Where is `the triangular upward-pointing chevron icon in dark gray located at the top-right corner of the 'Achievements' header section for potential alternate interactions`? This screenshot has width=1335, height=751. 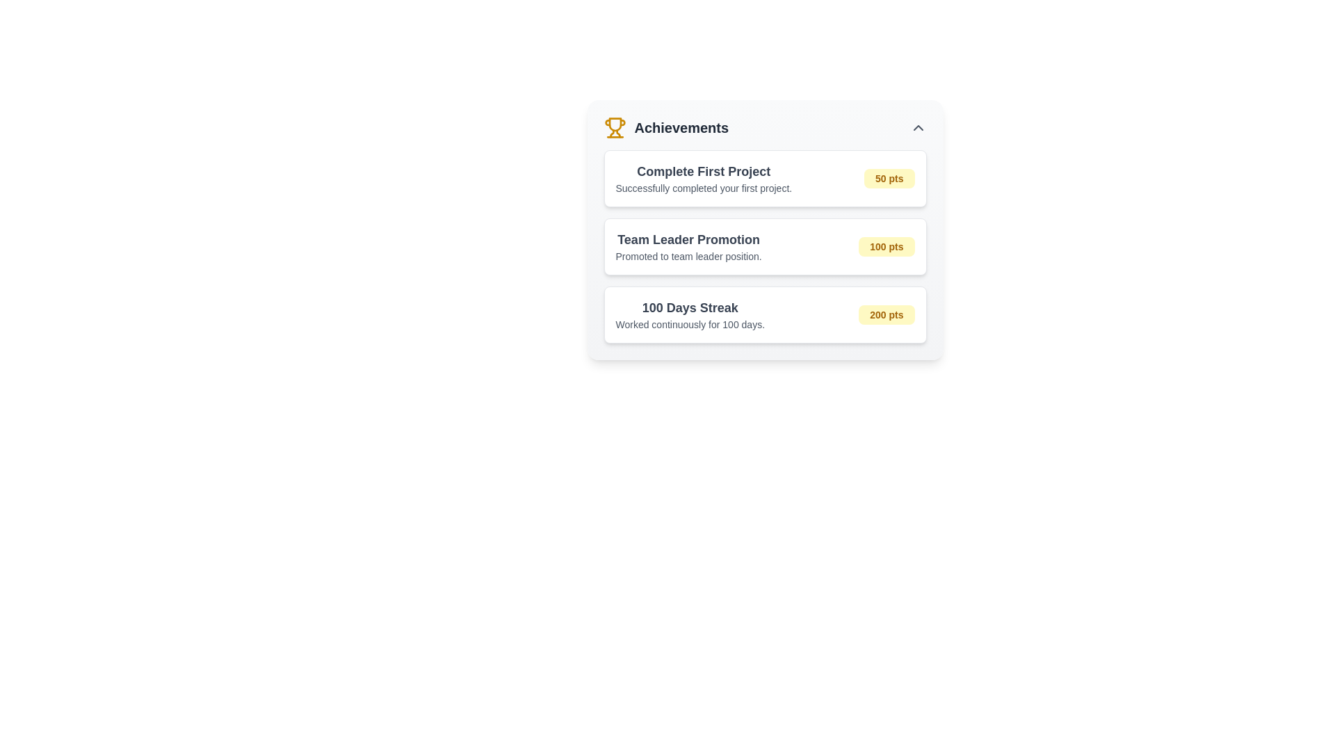
the triangular upward-pointing chevron icon in dark gray located at the top-right corner of the 'Achievements' header section for potential alternate interactions is located at coordinates (918, 128).